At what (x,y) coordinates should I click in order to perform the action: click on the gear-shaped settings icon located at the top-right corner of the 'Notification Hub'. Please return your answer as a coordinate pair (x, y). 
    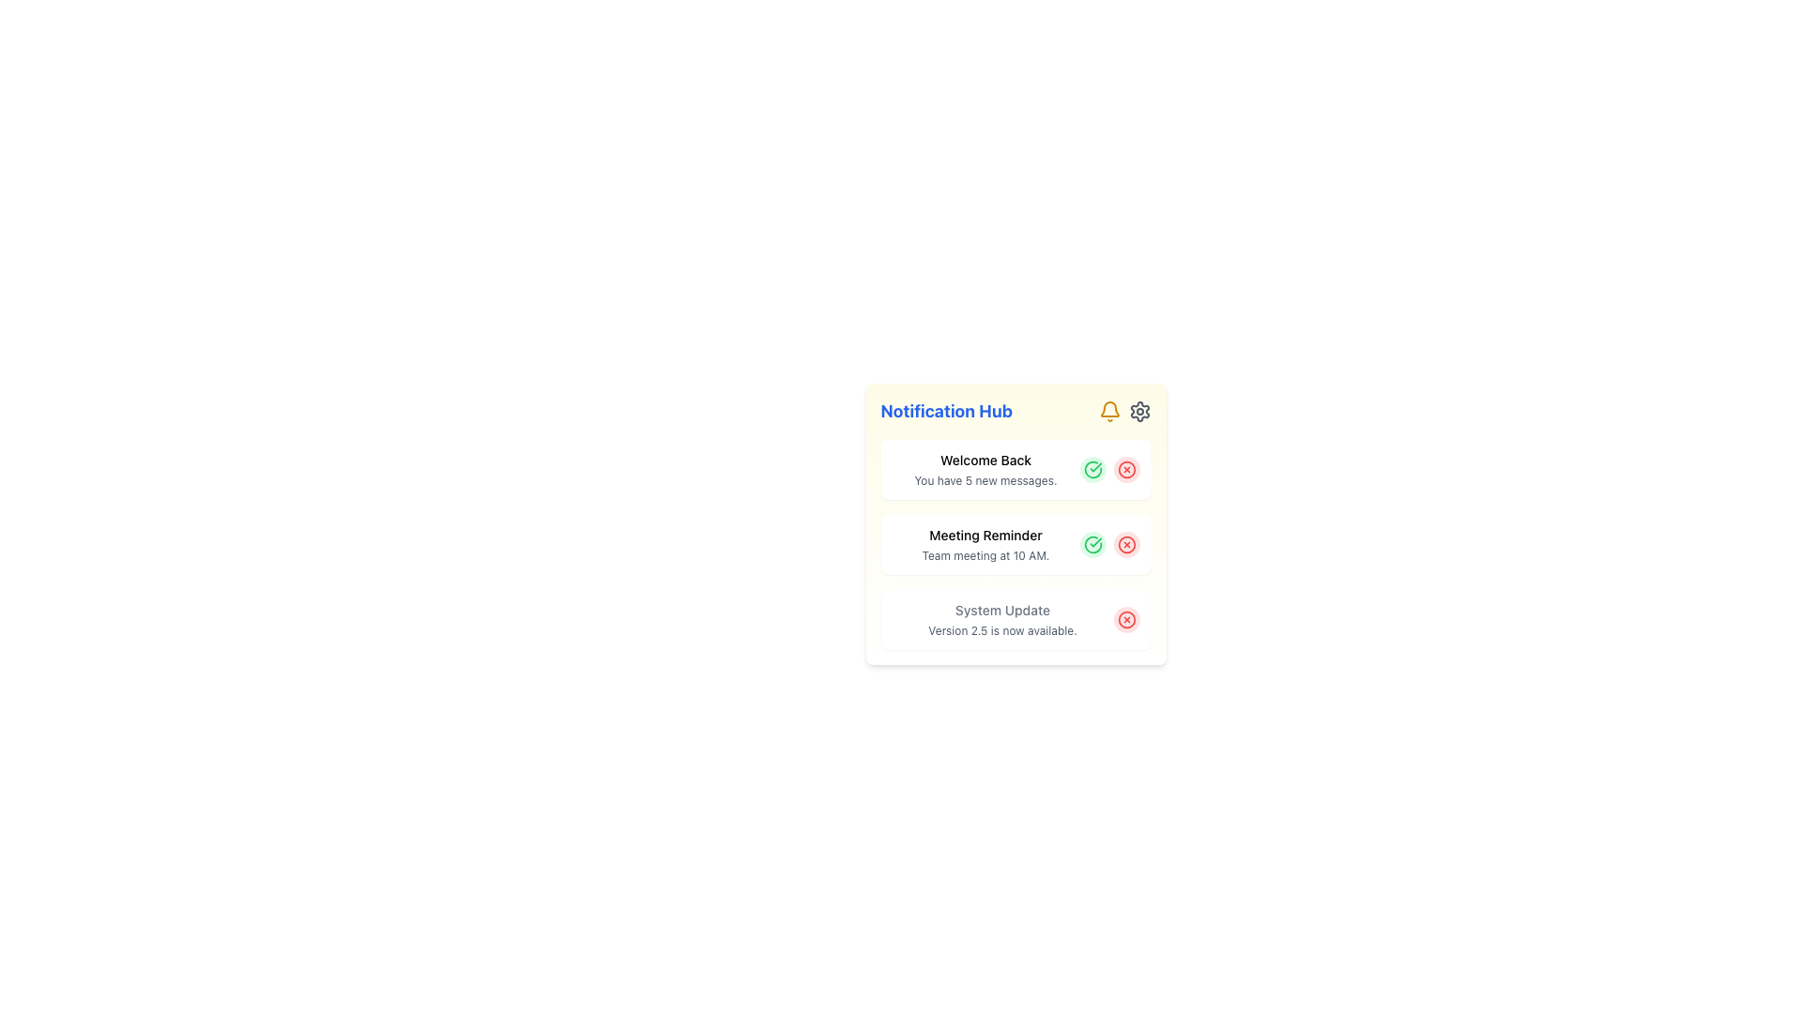
    Looking at the image, I should click on (1138, 411).